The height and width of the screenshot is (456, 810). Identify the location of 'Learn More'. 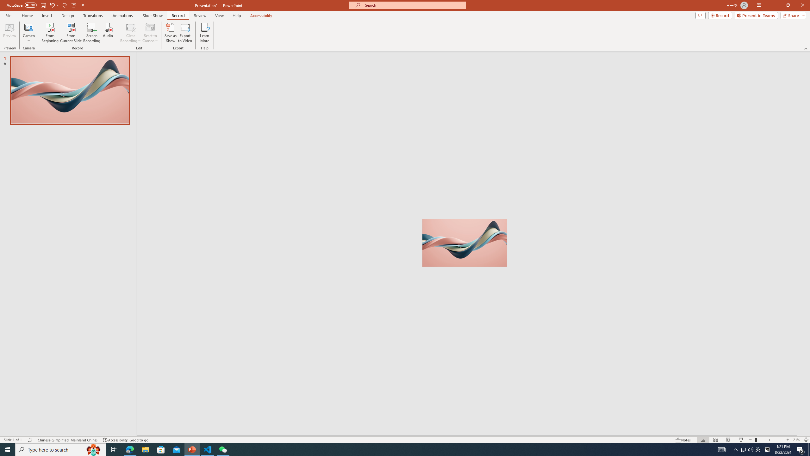
(205, 33).